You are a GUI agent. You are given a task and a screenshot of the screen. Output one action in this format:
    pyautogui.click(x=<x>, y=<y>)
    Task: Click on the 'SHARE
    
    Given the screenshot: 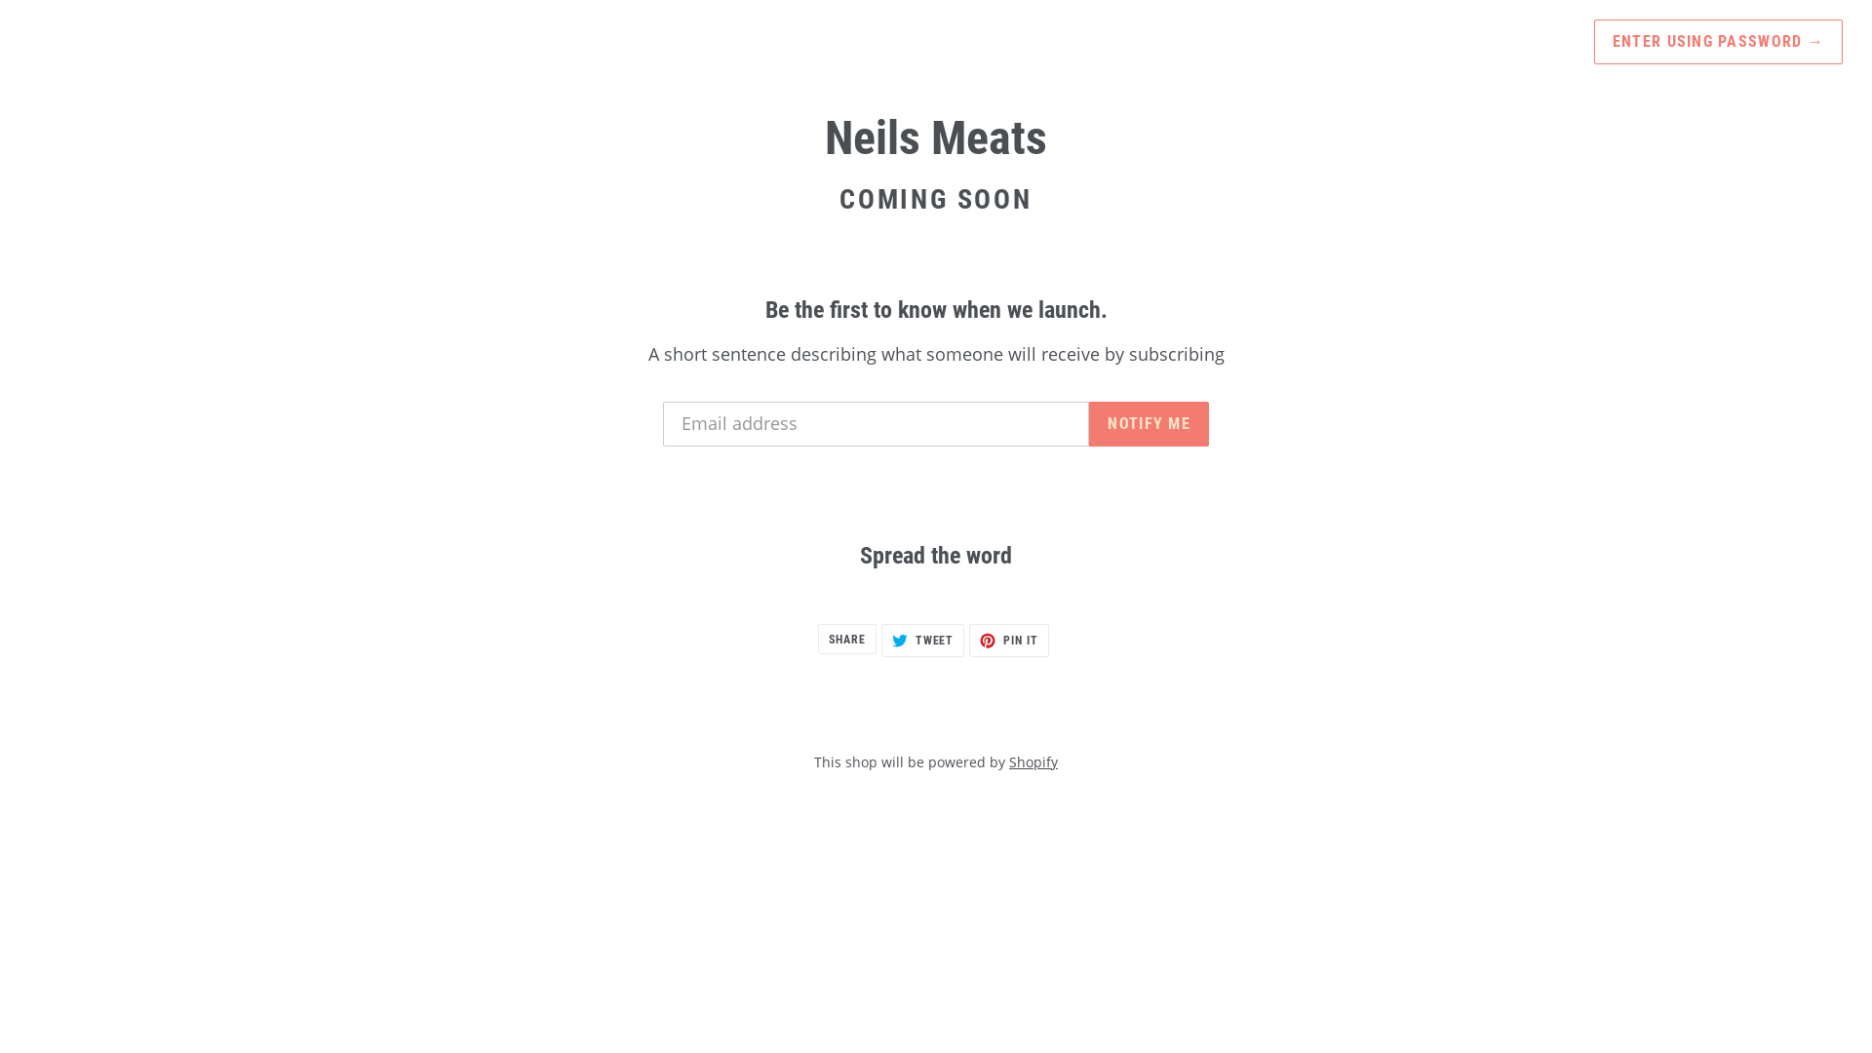 What is the action you would take?
    pyautogui.click(x=846, y=639)
    